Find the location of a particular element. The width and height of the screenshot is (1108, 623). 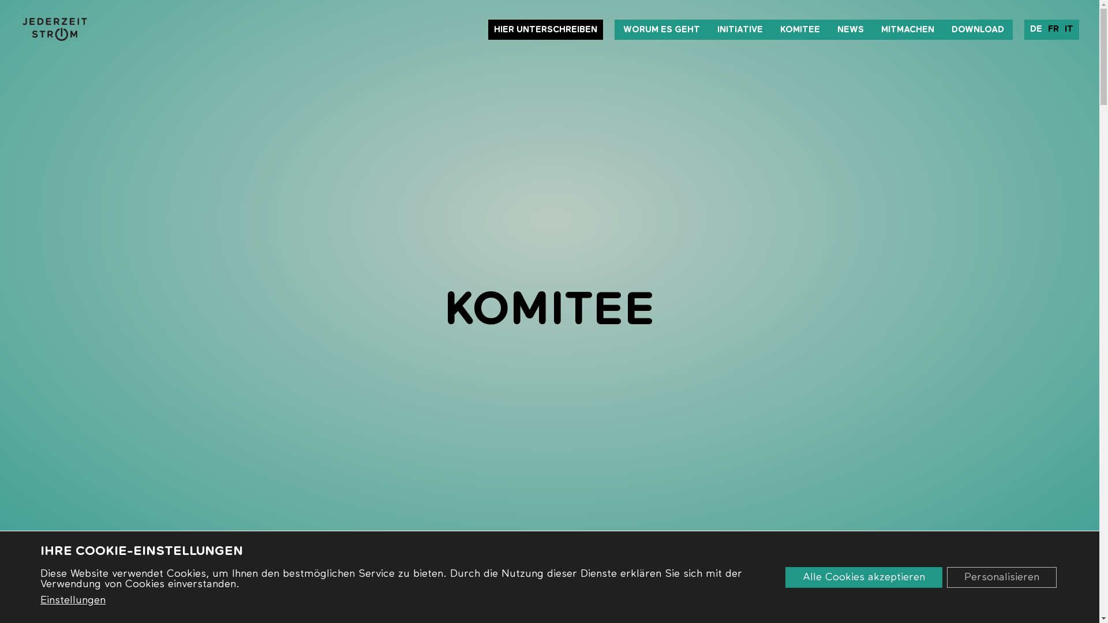

'KOMITEE' is located at coordinates (772, 29).